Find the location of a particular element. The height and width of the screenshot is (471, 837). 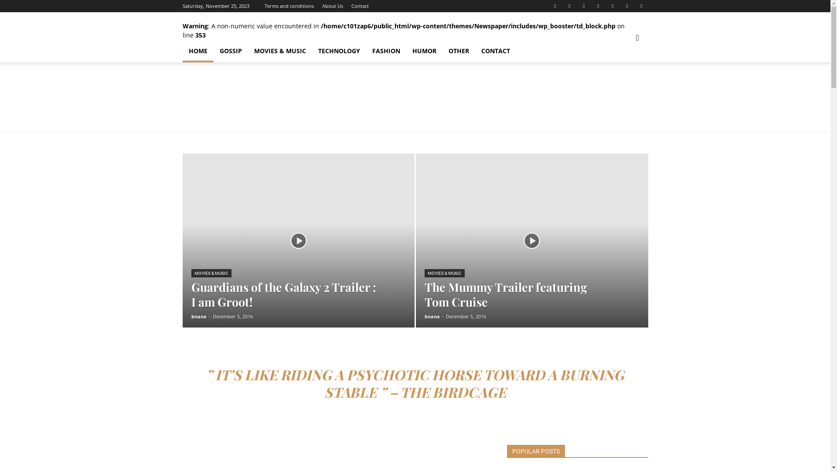

'HOME' is located at coordinates (197, 51).